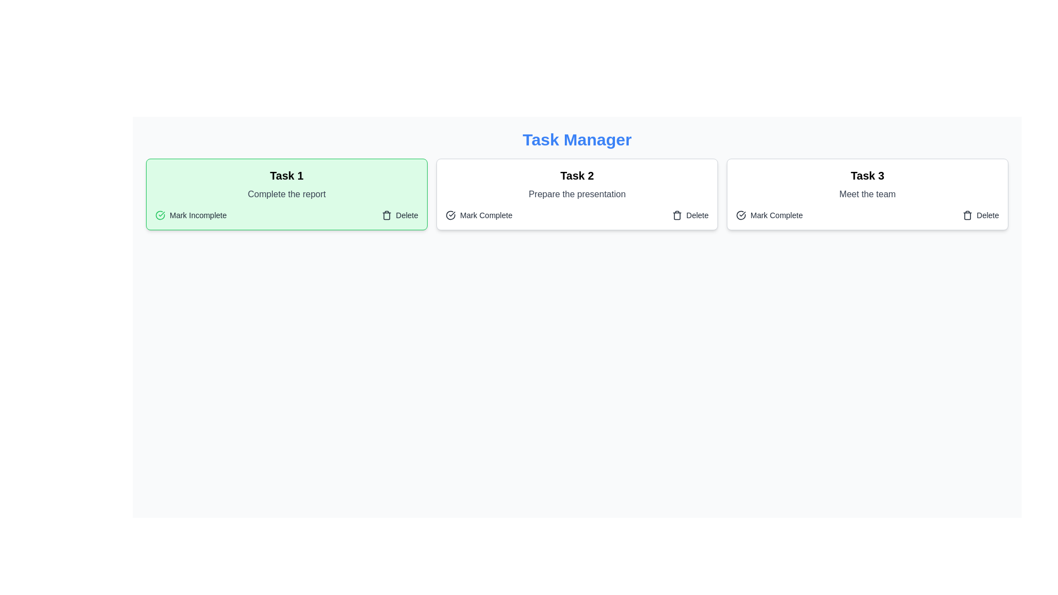 This screenshot has height=595, width=1058. I want to click on the 'Delete' static label, which is styled in dark gray and located towards the bottom-right corner of the Task 1 box, slightly to the right of a trash can icon, so click(406, 215).